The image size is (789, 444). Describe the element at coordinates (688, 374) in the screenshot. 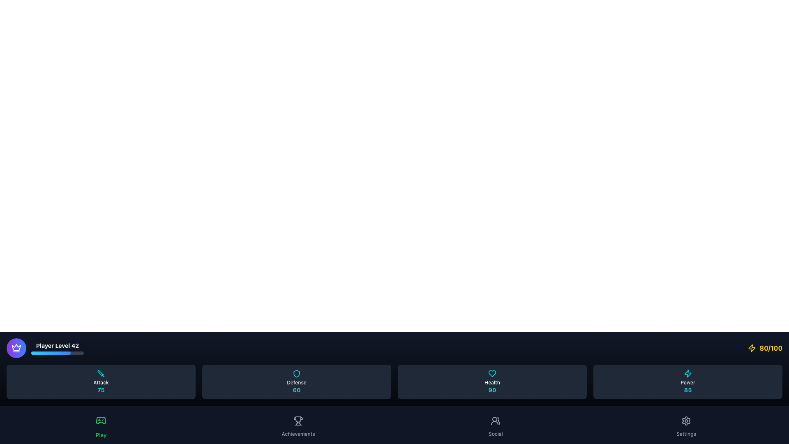

I see `the visual indicator representing the 'Power' status, which is centrally located in a box displaying the label 'Power' and the value '85'` at that location.